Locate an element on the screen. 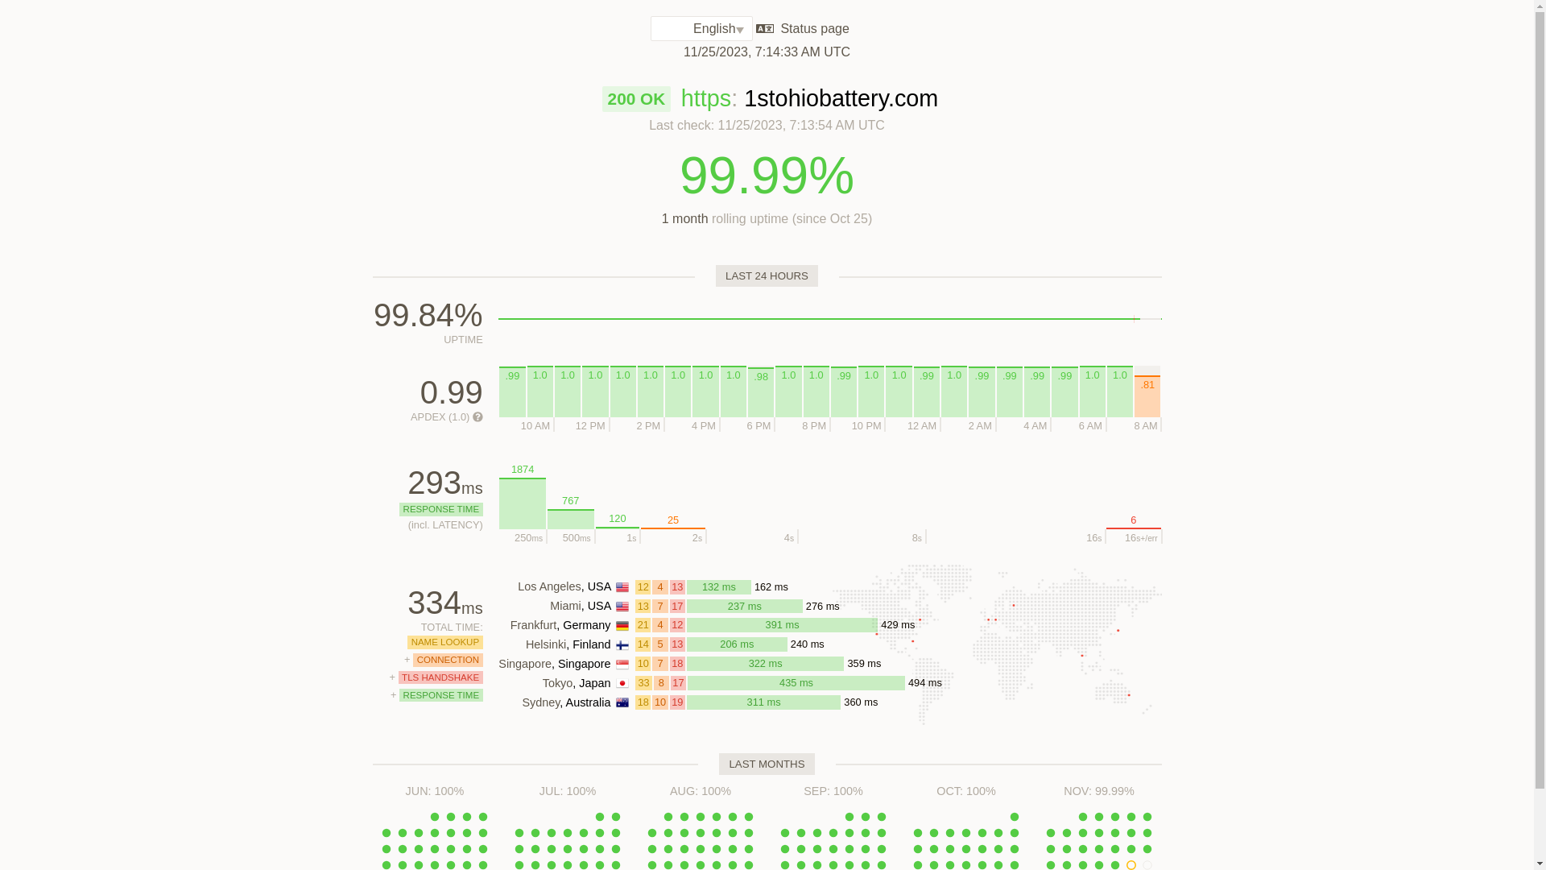 The width and height of the screenshot is (1546, 870). '<small>Jul 11:</small> No downtime' is located at coordinates (535, 847).